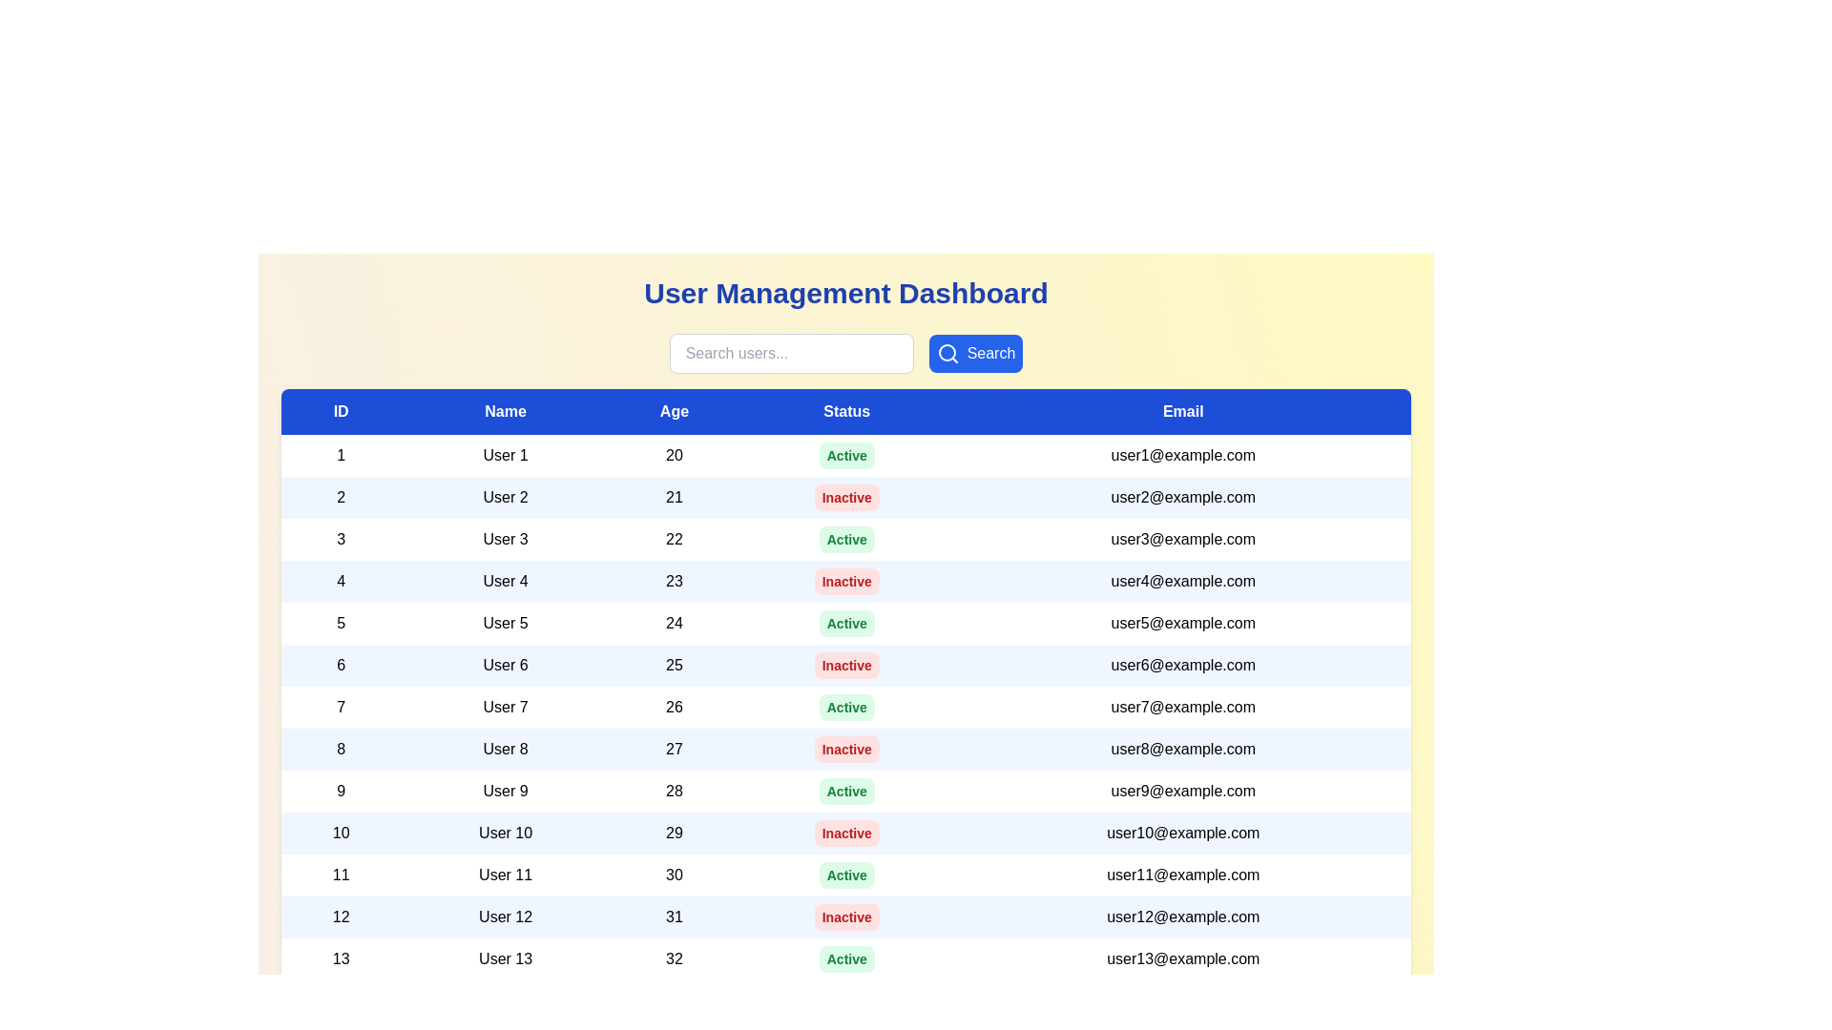 This screenshot has width=1832, height=1030. What do you see at coordinates (1182, 411) in the screenshot?
I see `the column header Email to sort the table by that column` at bounding box center [1182, 411].